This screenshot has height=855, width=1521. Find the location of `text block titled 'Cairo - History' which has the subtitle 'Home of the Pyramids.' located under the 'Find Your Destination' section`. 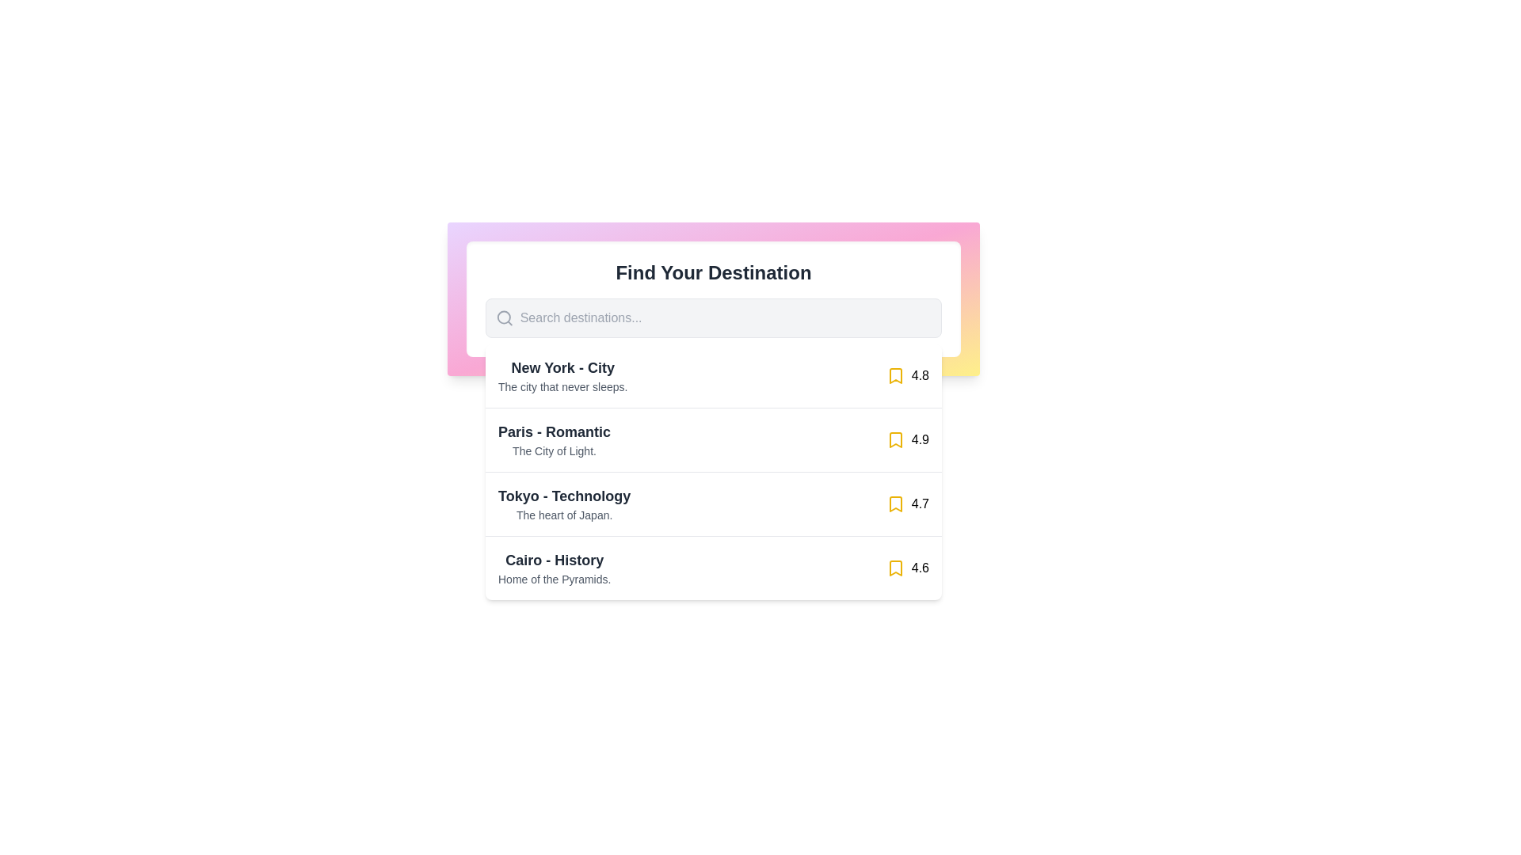

text block titled 'Cairo - History' which has the subtitle 'Home of the Pyramids.' located under the 'Find Your Destination' section is located at coordinates (555, 567).